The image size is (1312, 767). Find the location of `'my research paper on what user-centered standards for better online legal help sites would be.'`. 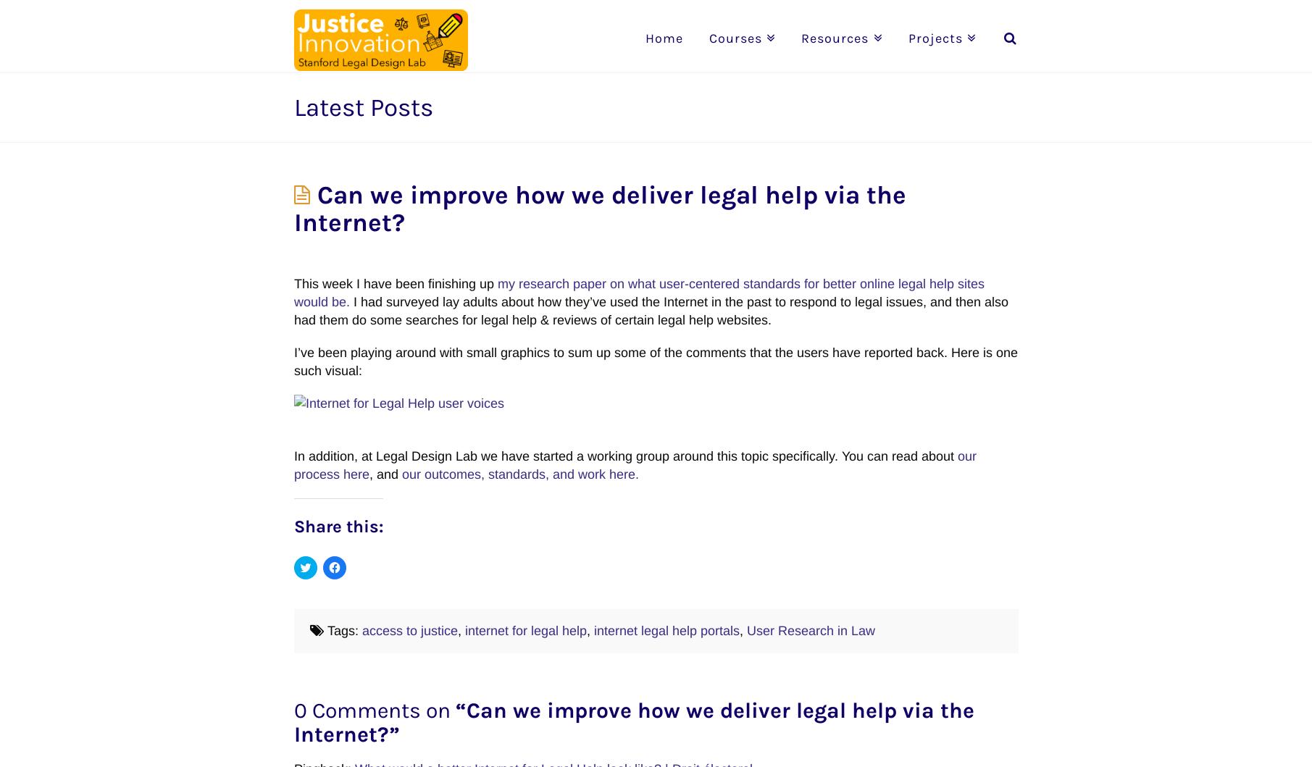

'my research paper on what user-centered standards for better online legal help sites would be.' is located at coordinates (638, 291).